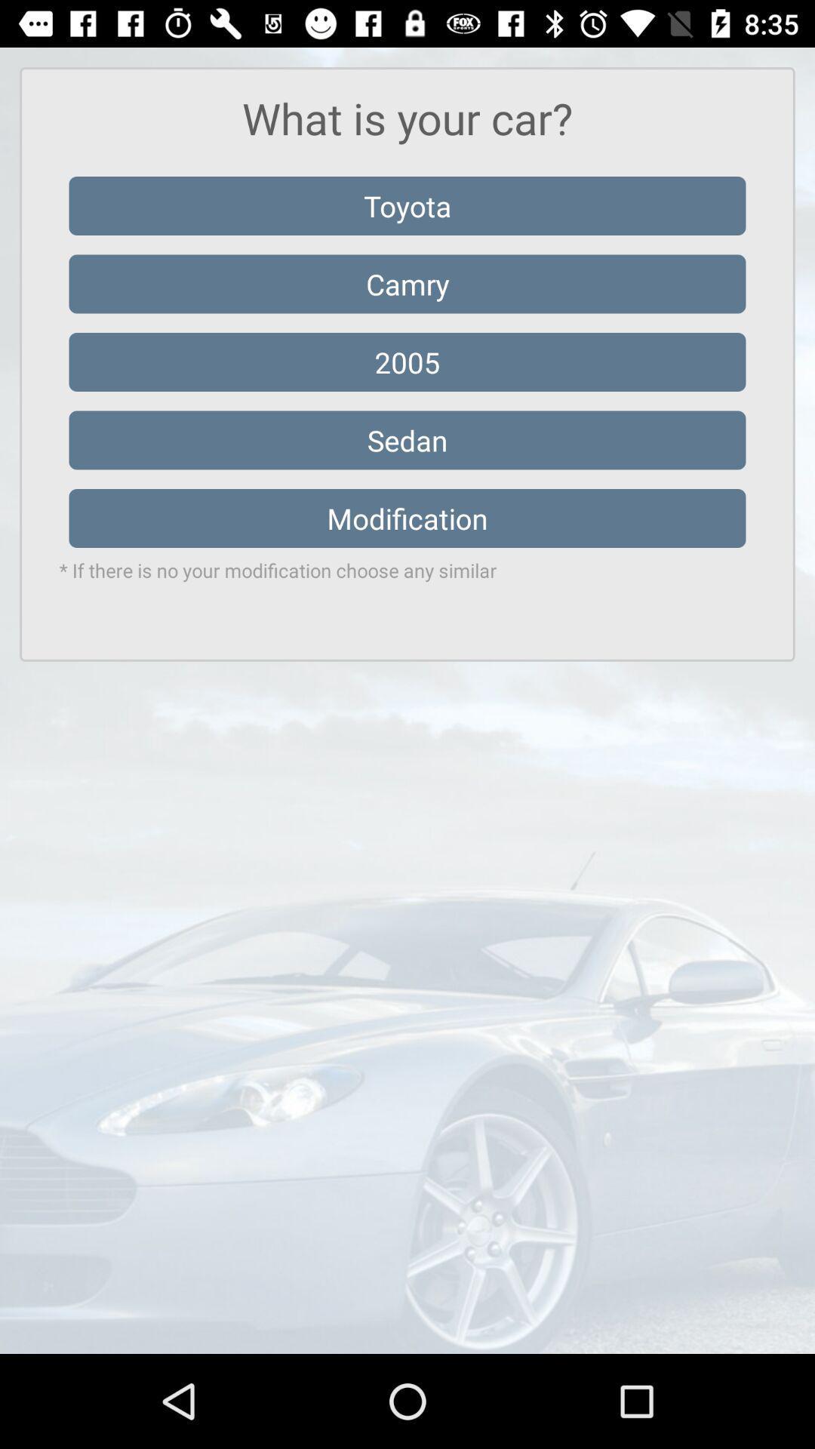 The width and height of the screenshot is (815, 1449). I want to click on the camry icon, so click(407, 284).